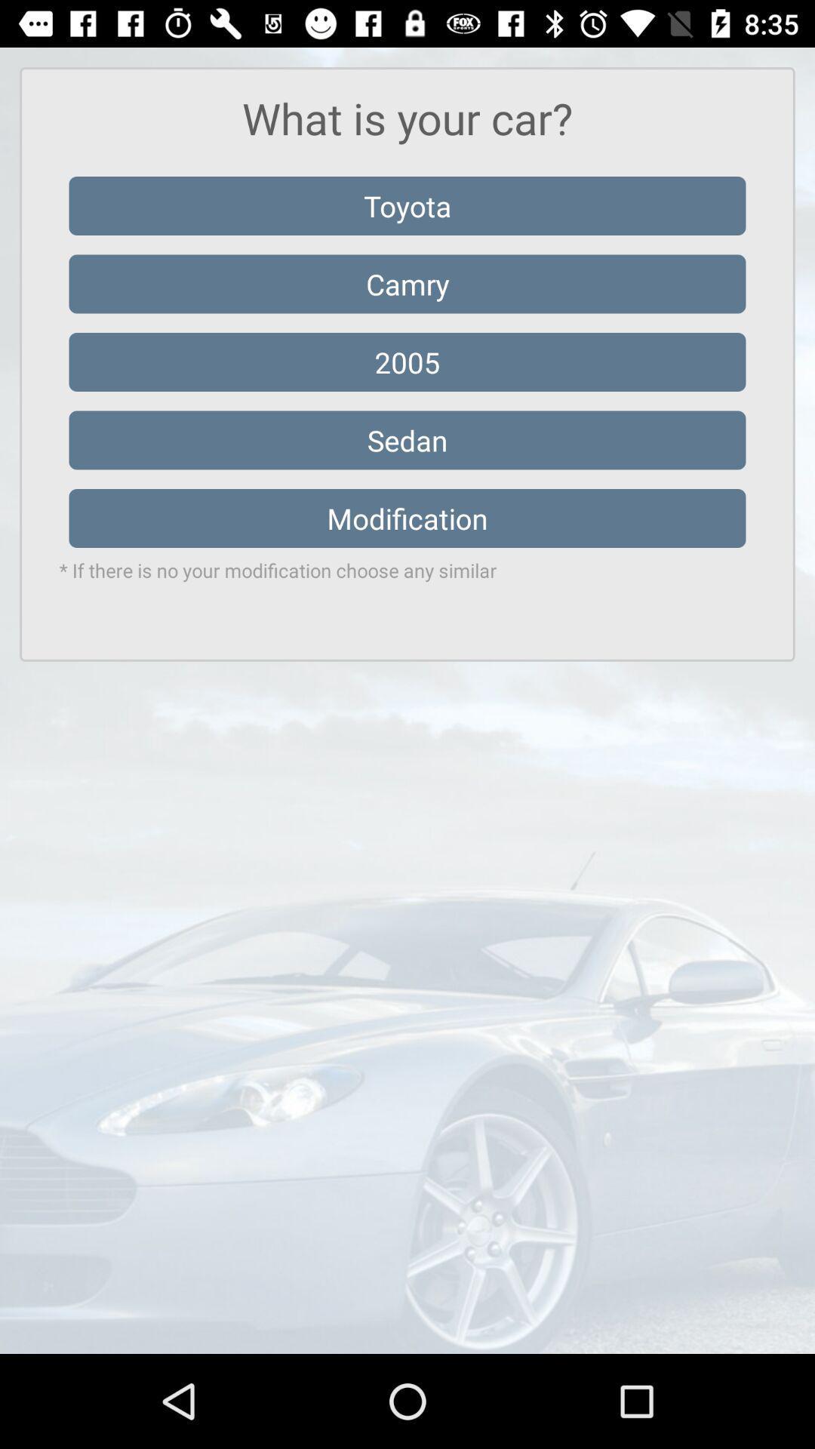 The width and height of the screenshot is (815, 1449). I want to click on the camry icon, so click(407, 284).